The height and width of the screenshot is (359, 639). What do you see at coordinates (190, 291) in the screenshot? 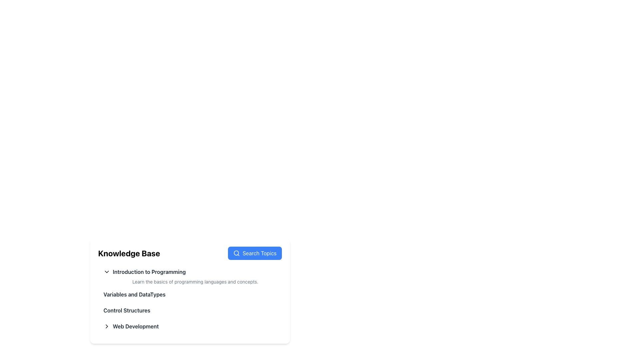
I see `the interactive list item labeled 'Variables and DataTypes'` at bounding box center [190, 291].